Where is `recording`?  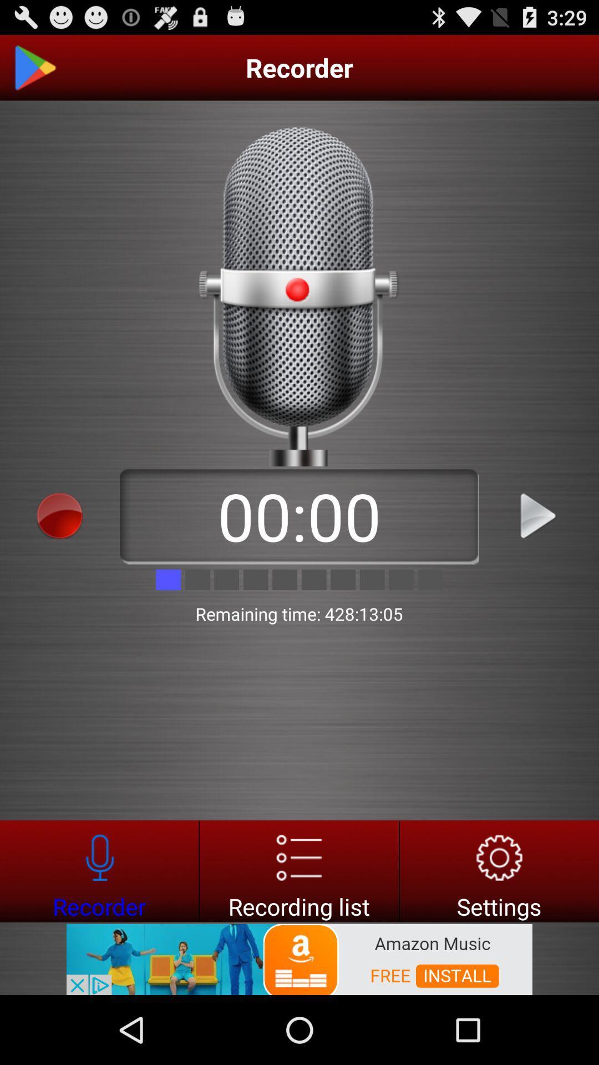
recording is located at coordinates (539, 515).